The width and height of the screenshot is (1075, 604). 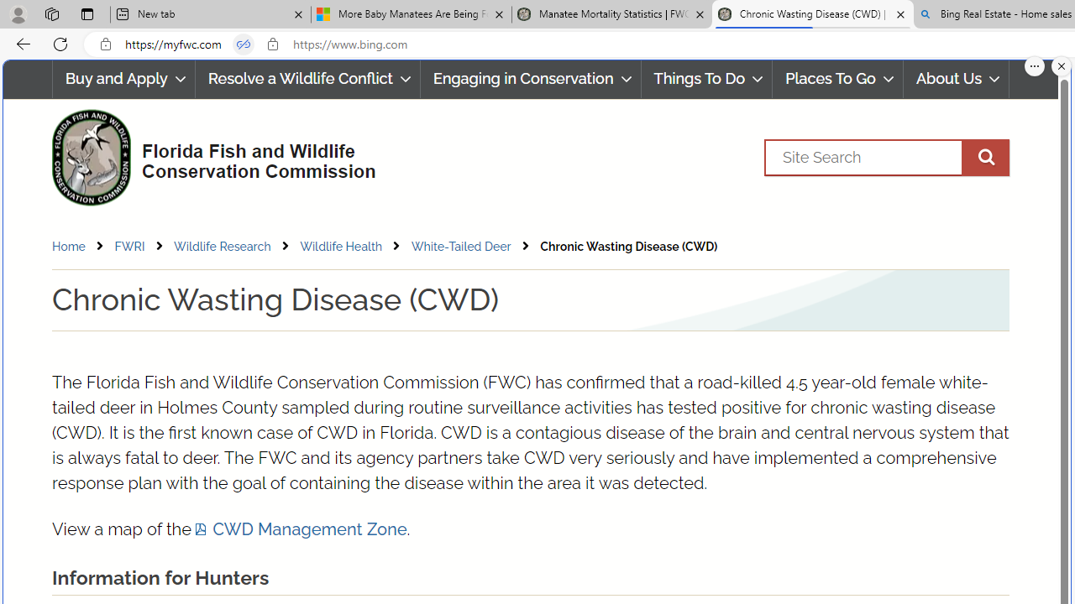 What do you see at coordinates (340, 246) in the screenshot?
I see `'Wildlife Health'` at bounding box center [340, 246].